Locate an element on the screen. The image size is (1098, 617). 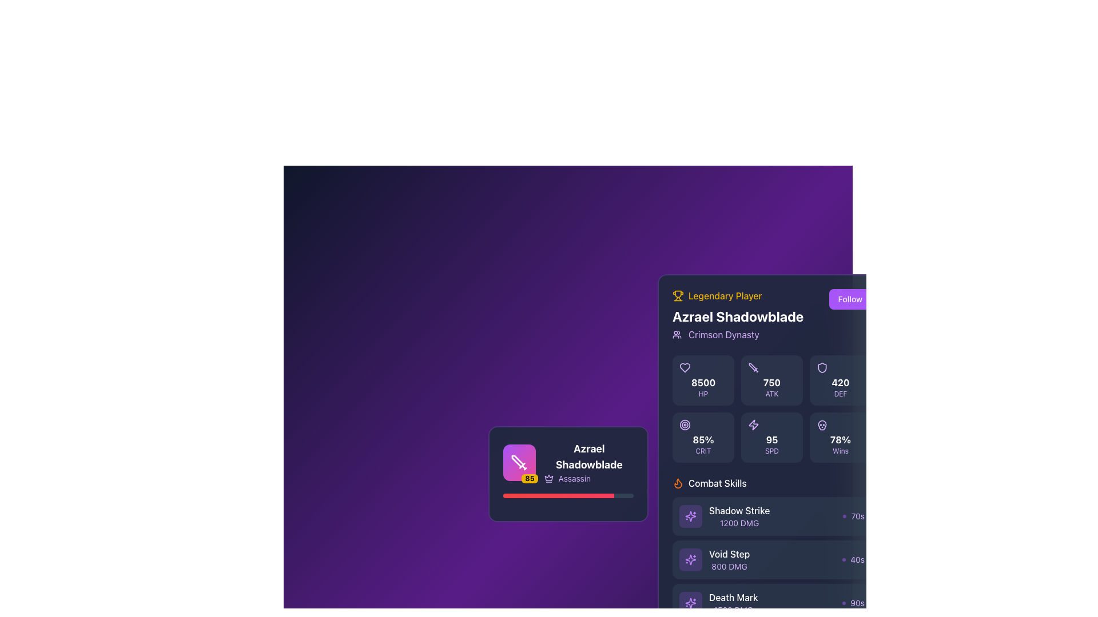
the Text label that indicates the attack attribute (ATK) positioned beneath the numeric value '750' in the section representing ATK is located at coordinates (771, 394).